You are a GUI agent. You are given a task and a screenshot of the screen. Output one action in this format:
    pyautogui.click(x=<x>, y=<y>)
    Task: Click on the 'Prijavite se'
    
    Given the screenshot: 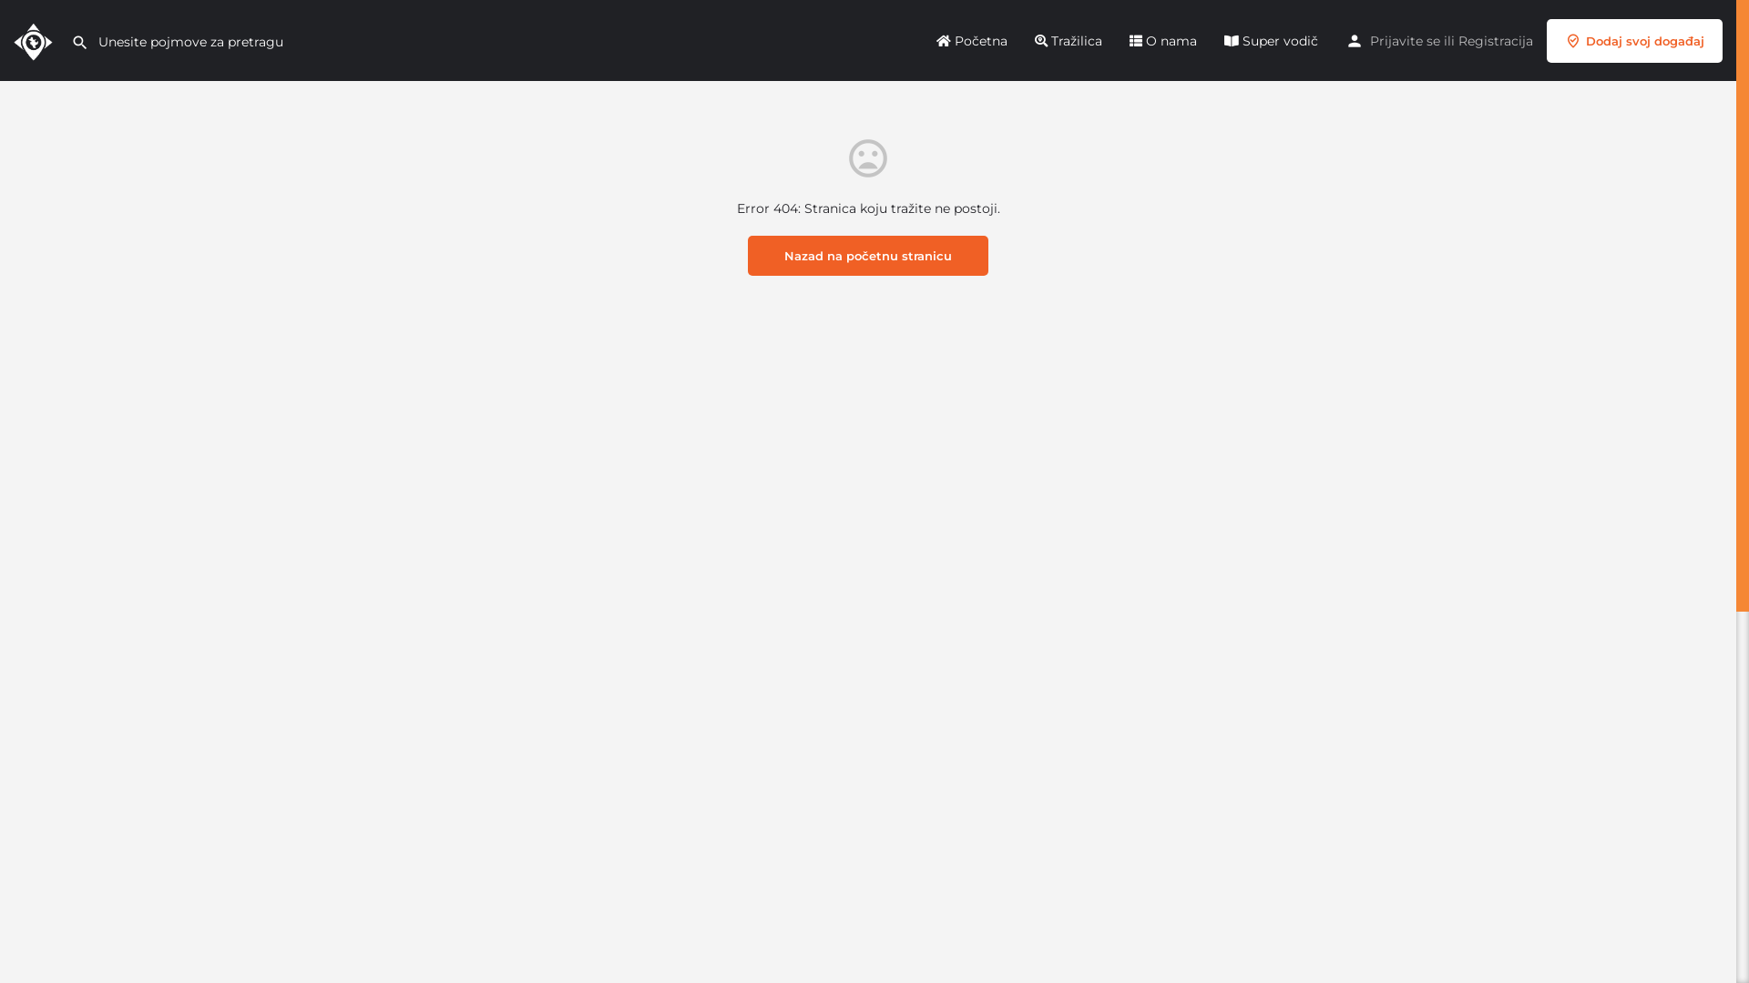 What is the action you would take?
    pyautogui.click(x=1404, y=39)
    